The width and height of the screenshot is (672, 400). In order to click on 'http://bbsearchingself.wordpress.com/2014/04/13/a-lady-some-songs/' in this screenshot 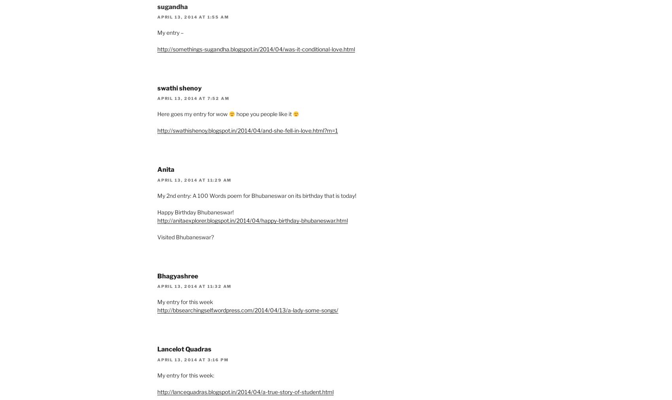, I will do `click(247, 310)`.